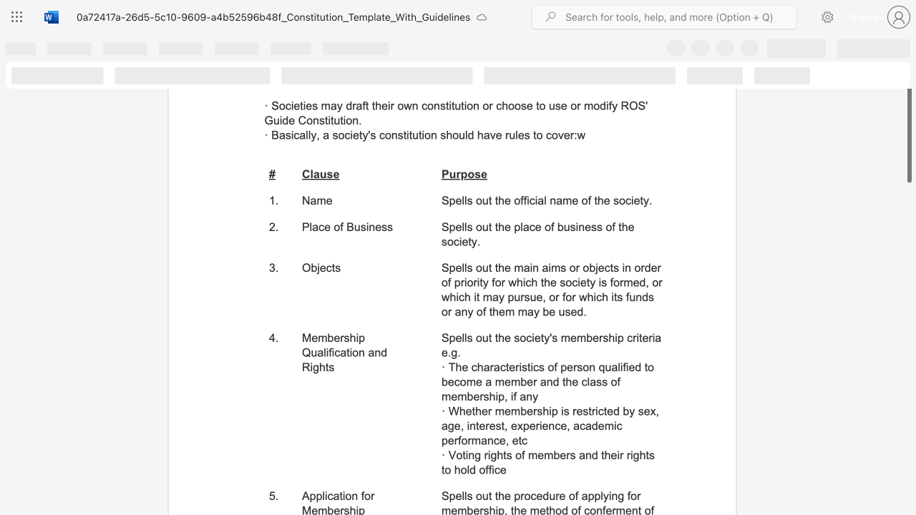  Describe the element at coordinates (908, 117) in the screenshot. I see `the scrollbar and move down 420 pixels` at that location.